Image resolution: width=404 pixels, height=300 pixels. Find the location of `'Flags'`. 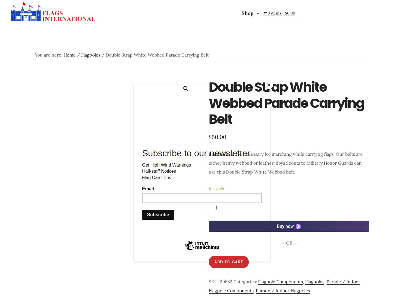

'Flags' is located at coordinates (101, 30).